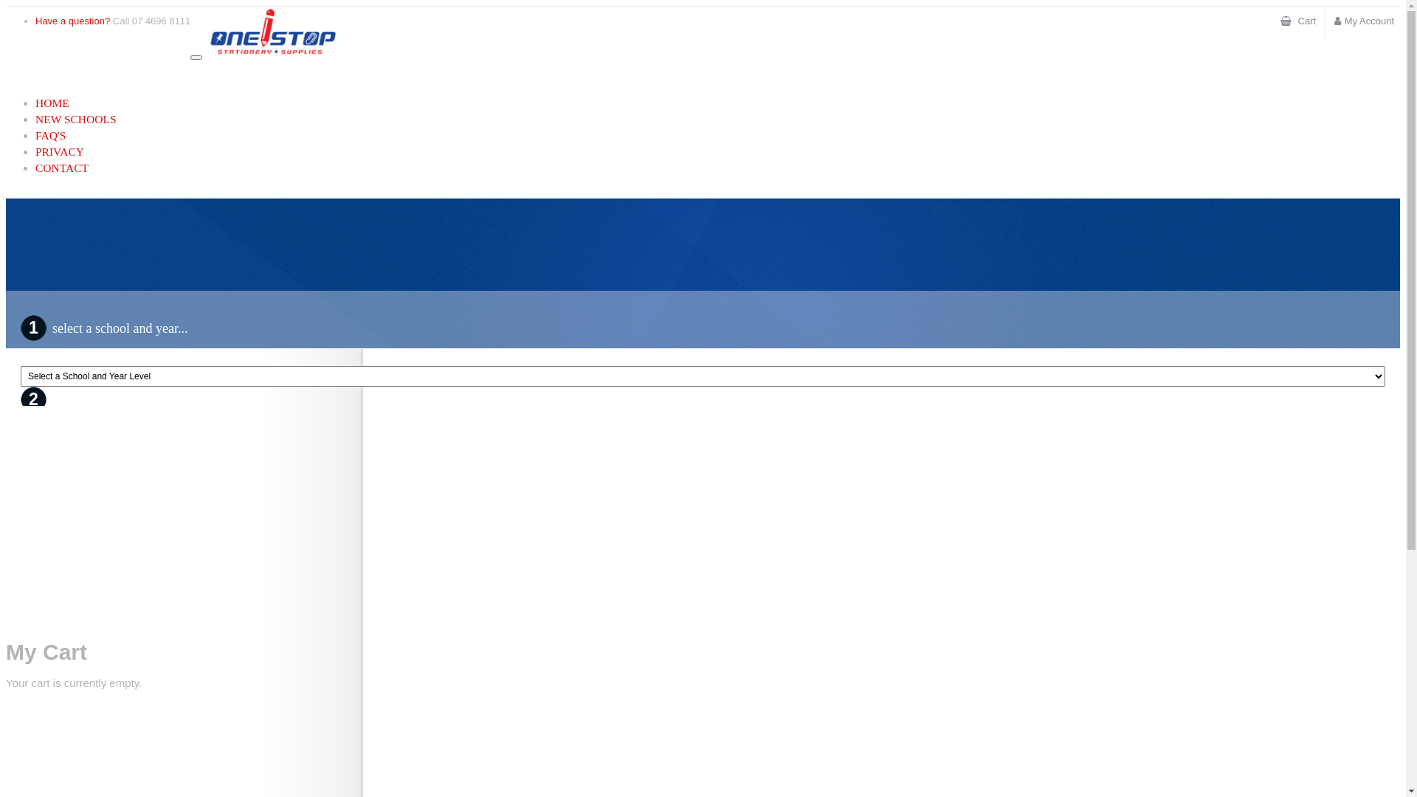 Image resolution: width=1417 pixels, height=797 pixels. I want to click on 'CONTACT', so click(61, 167).